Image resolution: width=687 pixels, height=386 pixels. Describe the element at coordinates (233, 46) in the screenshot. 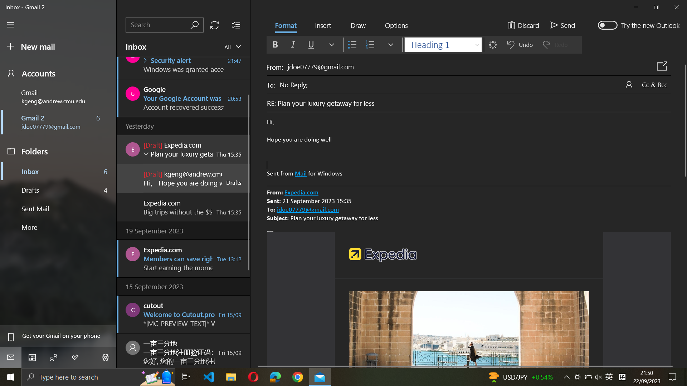

I see `Present all received mails in the inbox` at that location.